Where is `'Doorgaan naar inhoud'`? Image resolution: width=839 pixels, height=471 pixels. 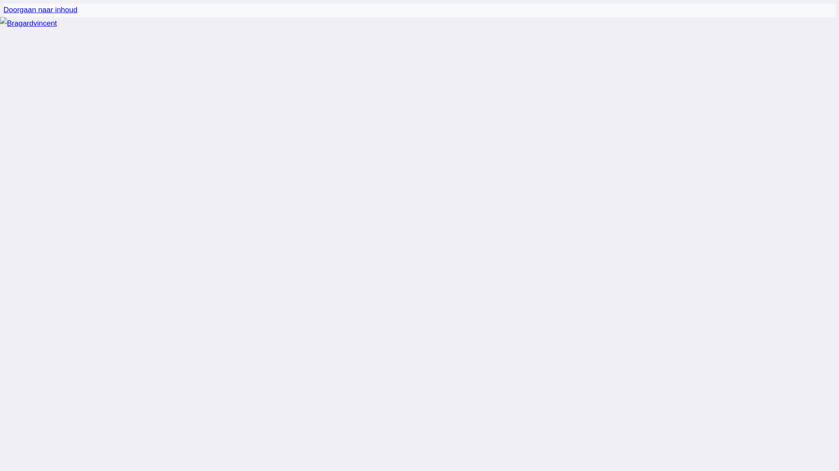 'Doorgaan naar inhoud' is located at coordinates (40, 10).